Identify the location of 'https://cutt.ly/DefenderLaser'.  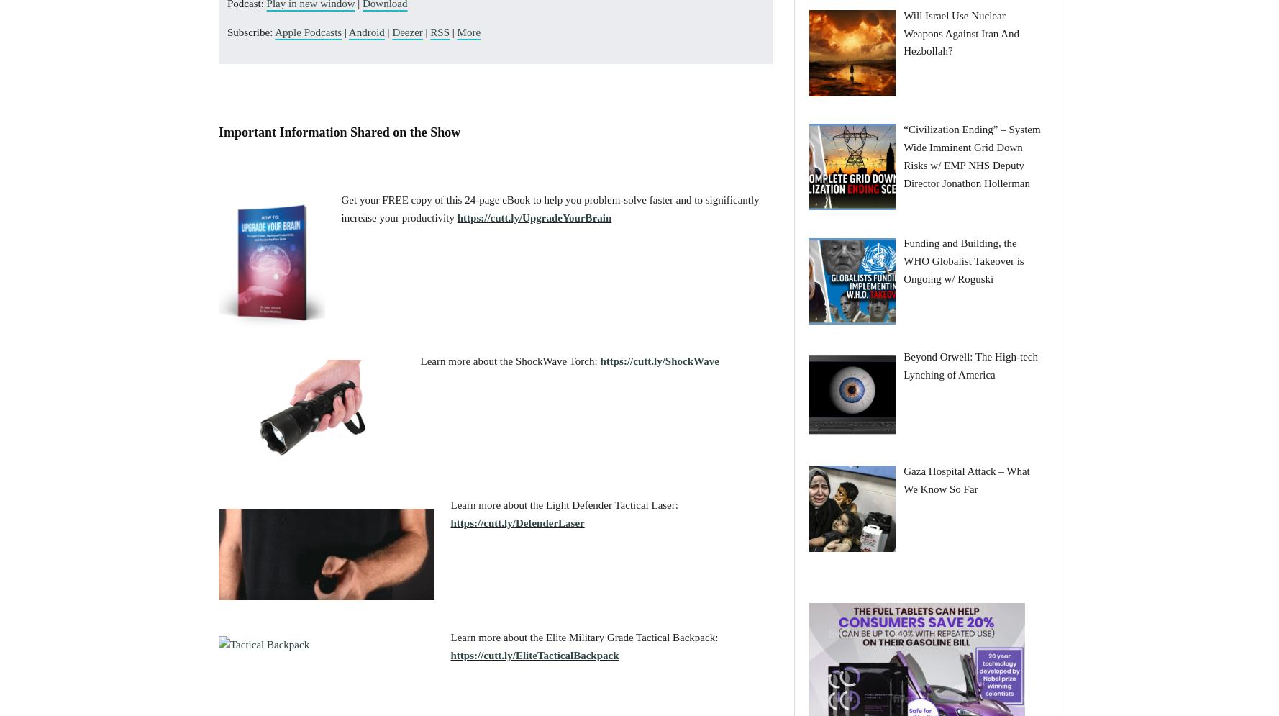
(516, 522).